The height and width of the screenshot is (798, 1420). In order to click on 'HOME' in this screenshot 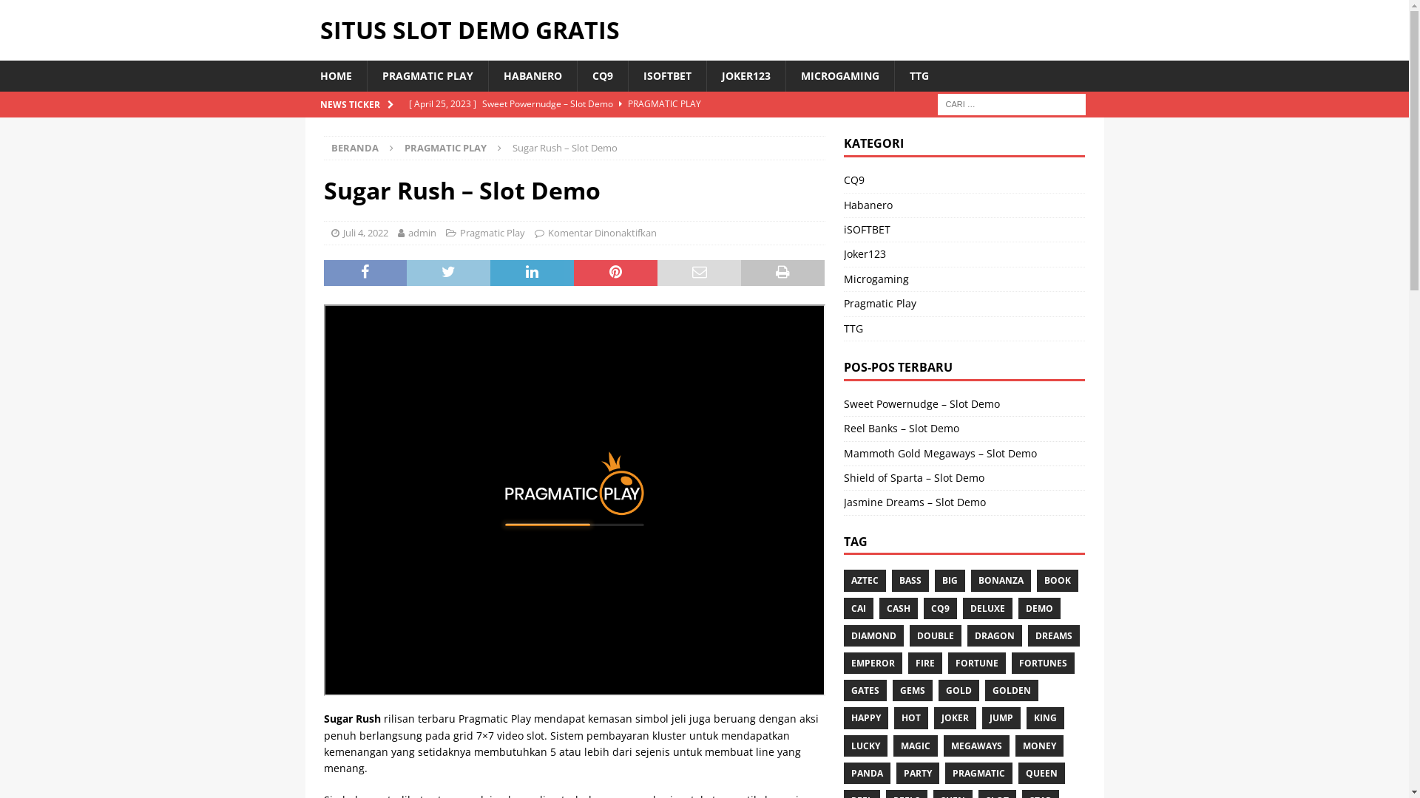, I will do `click(334, 76)`.